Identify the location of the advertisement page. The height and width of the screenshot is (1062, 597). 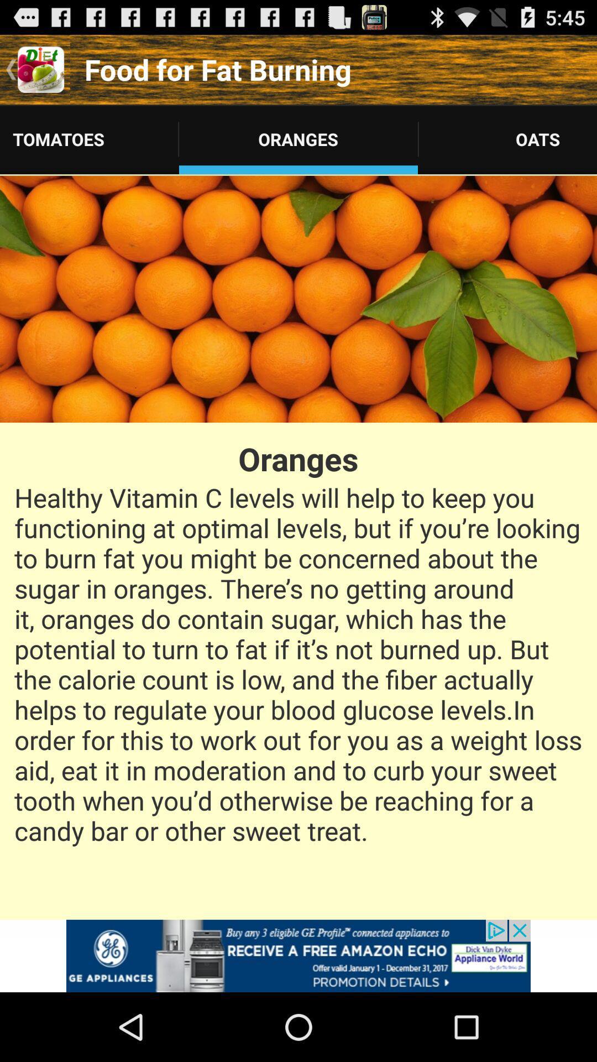
(298, 955).